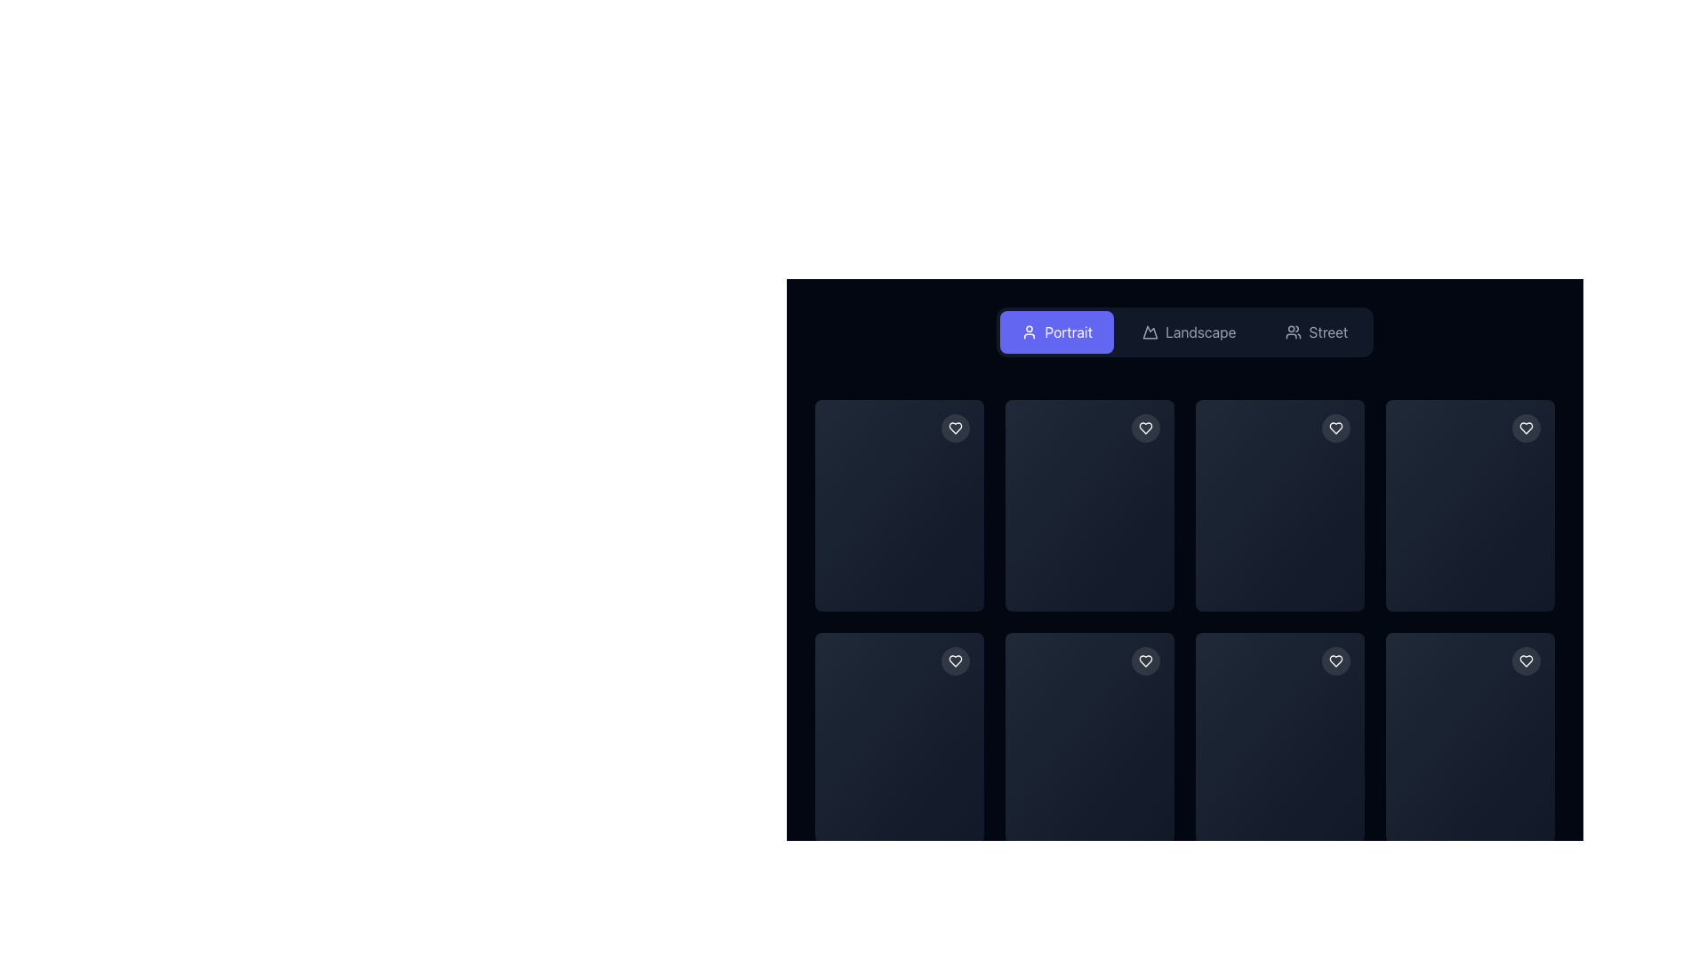 The width and height of the screenshot is (1707, 960). Describe the element at coordinates (1185, 332) in the screenshot. I see `the active 'Portrait' button in the button group` at that location.